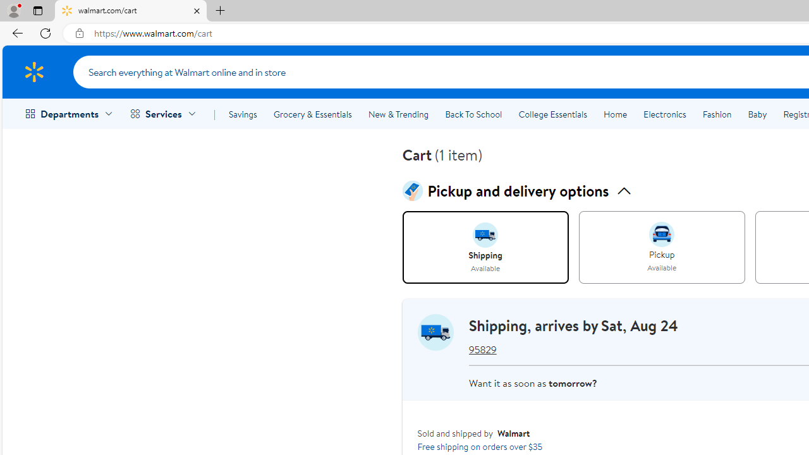  I want to click on 'New & Trending', so click(398, 114).